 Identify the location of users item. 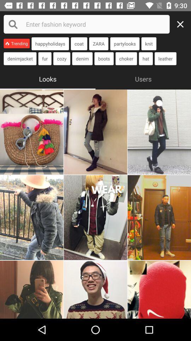
(143, 78).